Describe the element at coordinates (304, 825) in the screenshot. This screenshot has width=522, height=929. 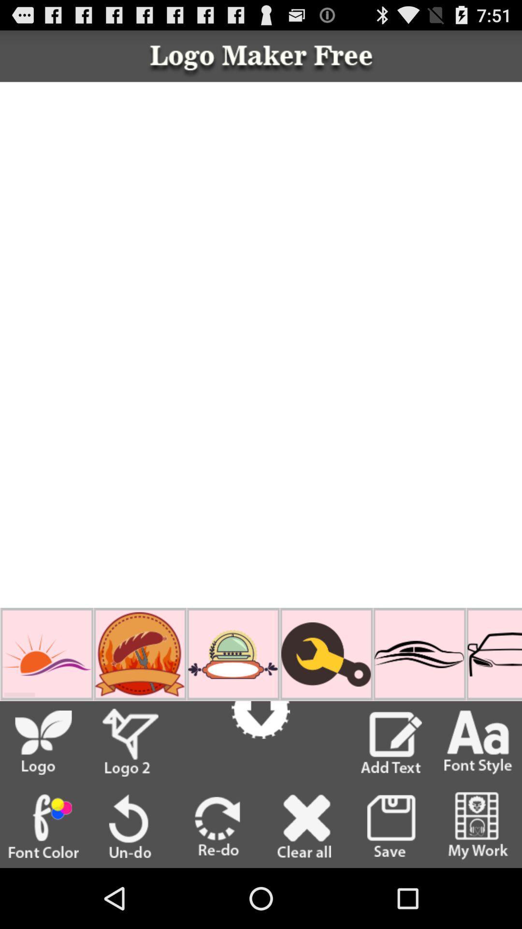
I see `clear all` at that location.